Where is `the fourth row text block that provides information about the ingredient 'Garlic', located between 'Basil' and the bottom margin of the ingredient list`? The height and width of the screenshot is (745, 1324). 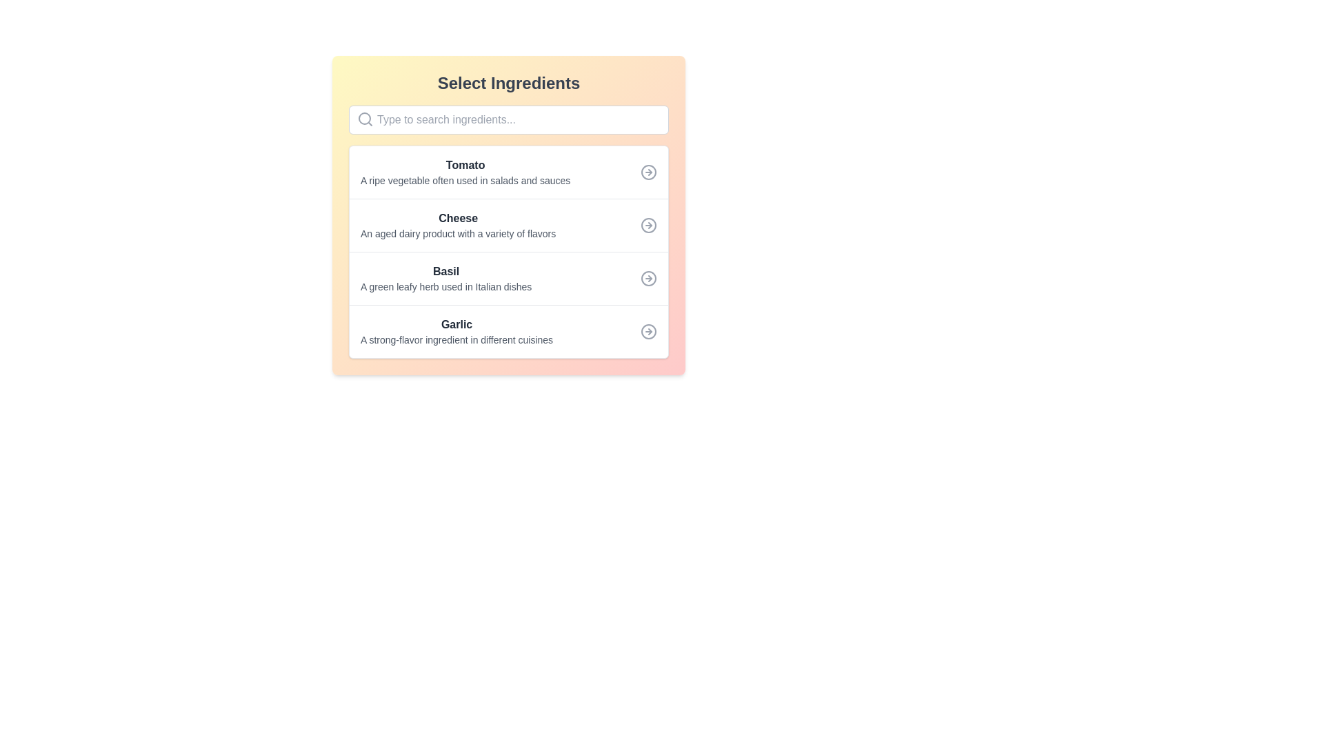 the fourth row text block that provides information about the ingredient 'Garlic', located between 'Basil' and the bottom margin of the ingredient list is located at coordinates (457, 332).